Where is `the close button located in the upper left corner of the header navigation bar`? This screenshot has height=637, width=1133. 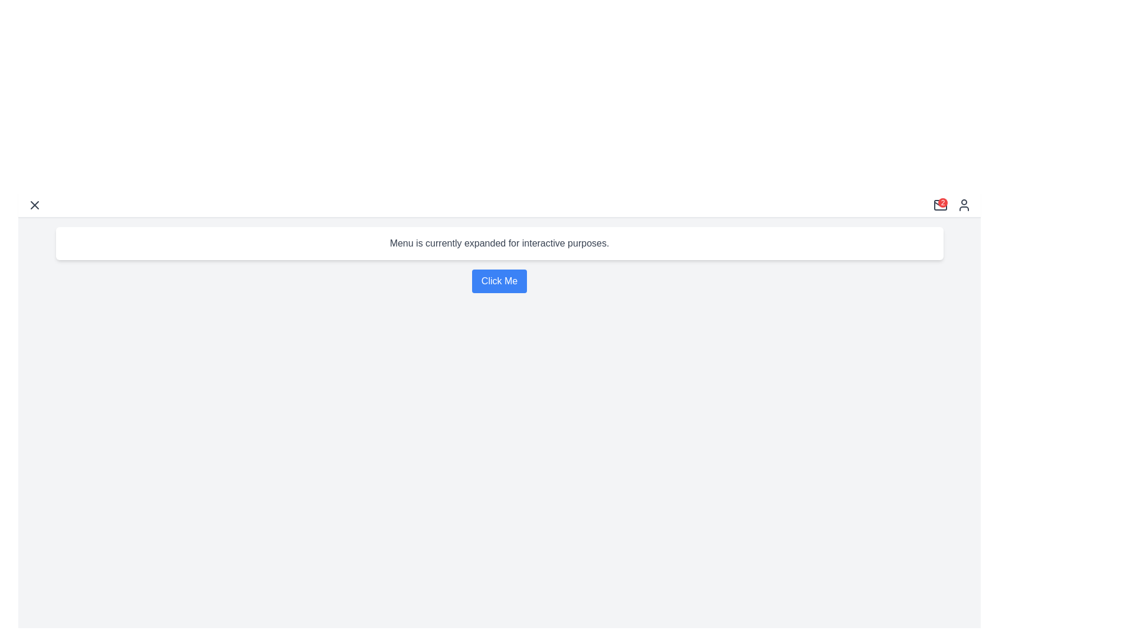
the close button located in the upper left corner of the header navigation bar is located at coordinates (34, 204).